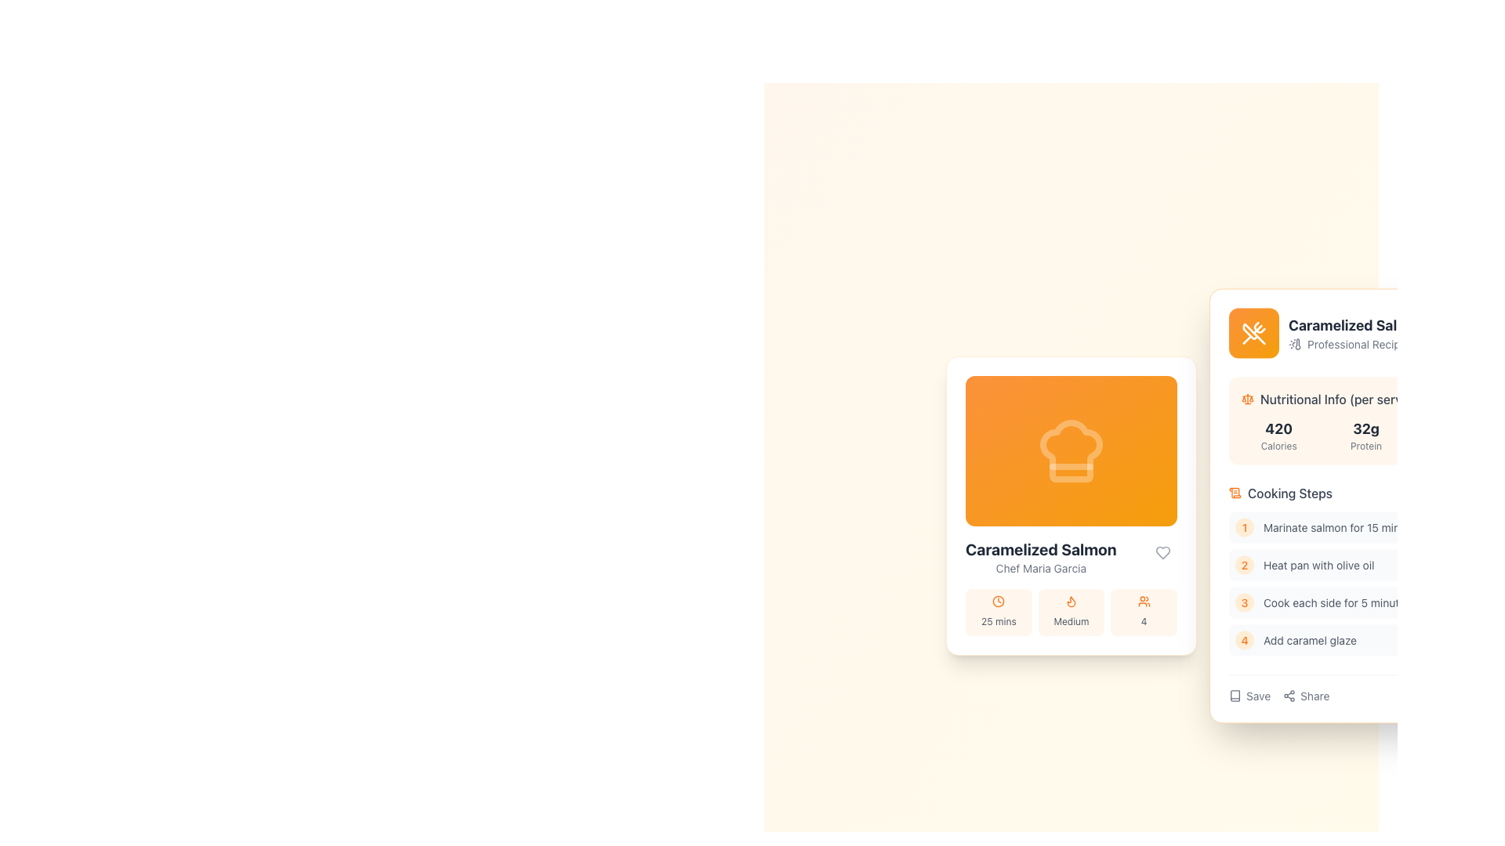 Image resolution: width=1505 pixels, height=846 pixels. Describe the element at coordinates (1162, 551) in the screenshot. I see `the heart-shaped favorite button located at the top-right corner of the 'Caramelized Salmon' recipe card to mark it as favorite` at that location.